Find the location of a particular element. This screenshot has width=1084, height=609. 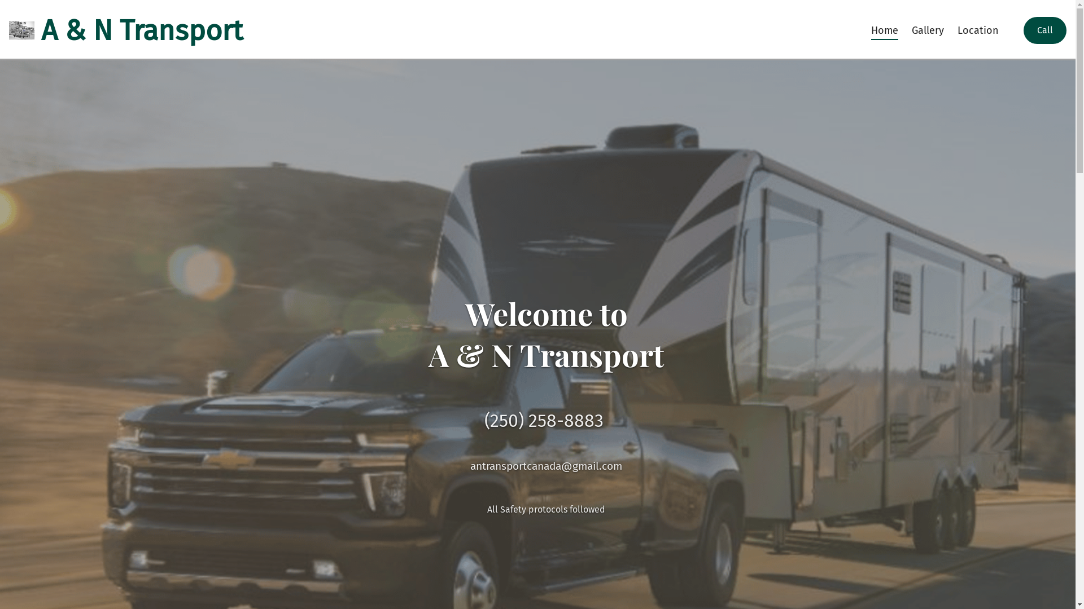

'Call' is located at coordinates (1044, 30).